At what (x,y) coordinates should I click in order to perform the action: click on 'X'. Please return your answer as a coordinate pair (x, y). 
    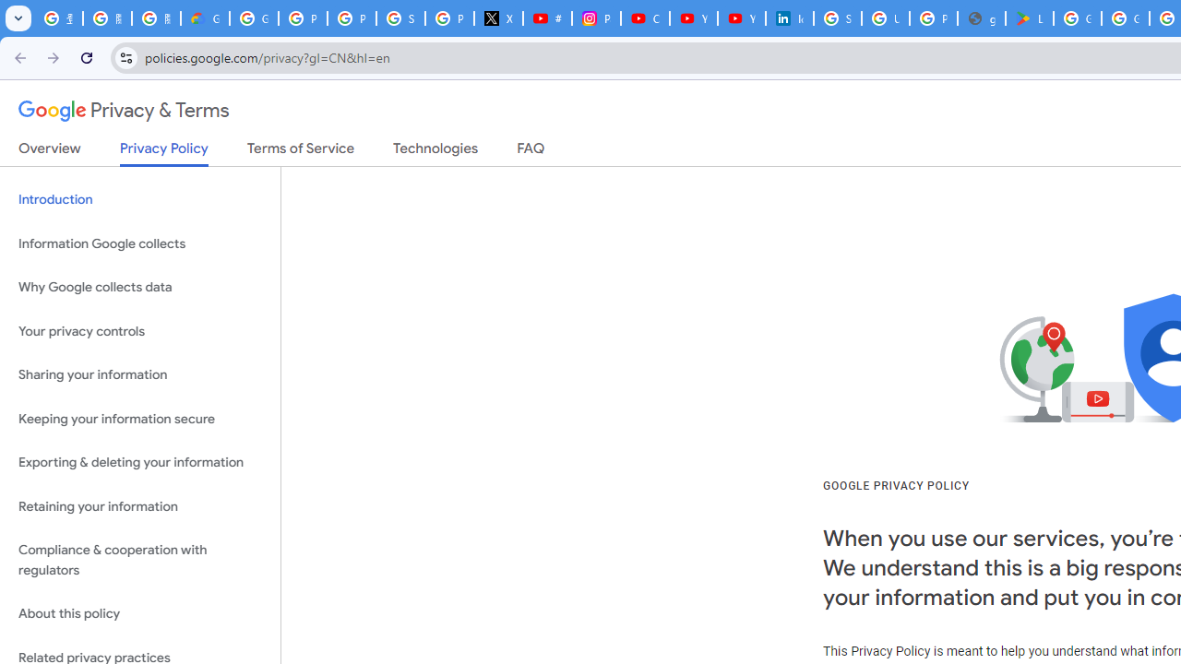
    Looking at the image, I should click on (498, 18).